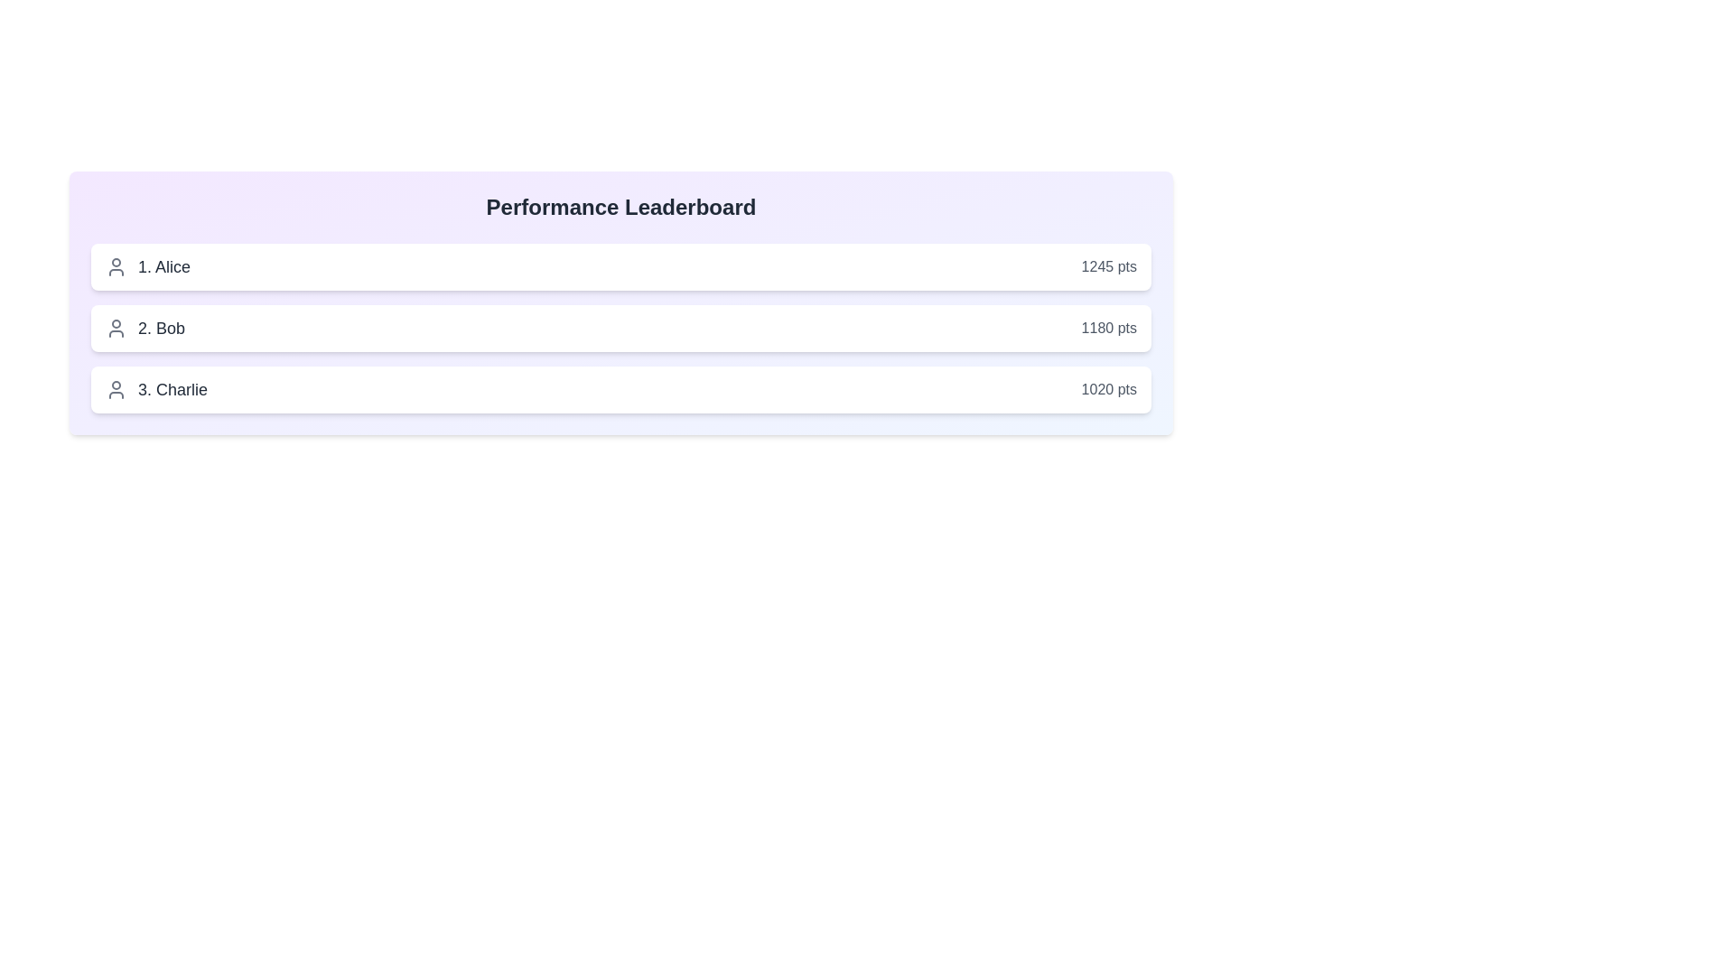 Image resolution: width=1734 pixels, height=975 pixels. Describe the element at coordinates (620, 389) in the screenshot. I see `the user entry corresponding to Charlie` at that location.